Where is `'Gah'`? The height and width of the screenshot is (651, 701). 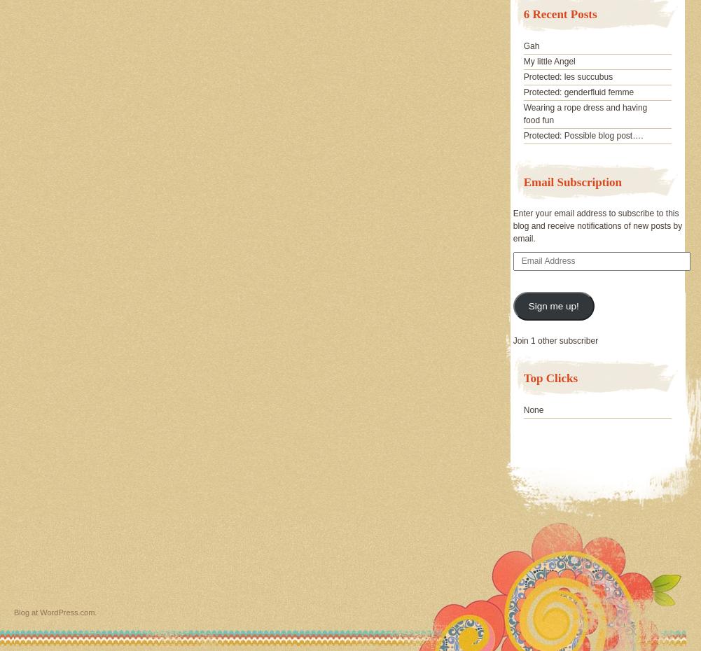 'Gah' is located at coordinates (531, 45).